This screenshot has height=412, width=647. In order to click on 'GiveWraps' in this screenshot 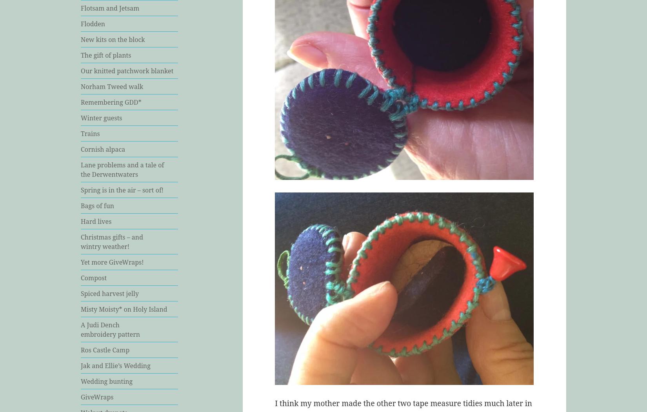, I will do `click(97, 396)`.